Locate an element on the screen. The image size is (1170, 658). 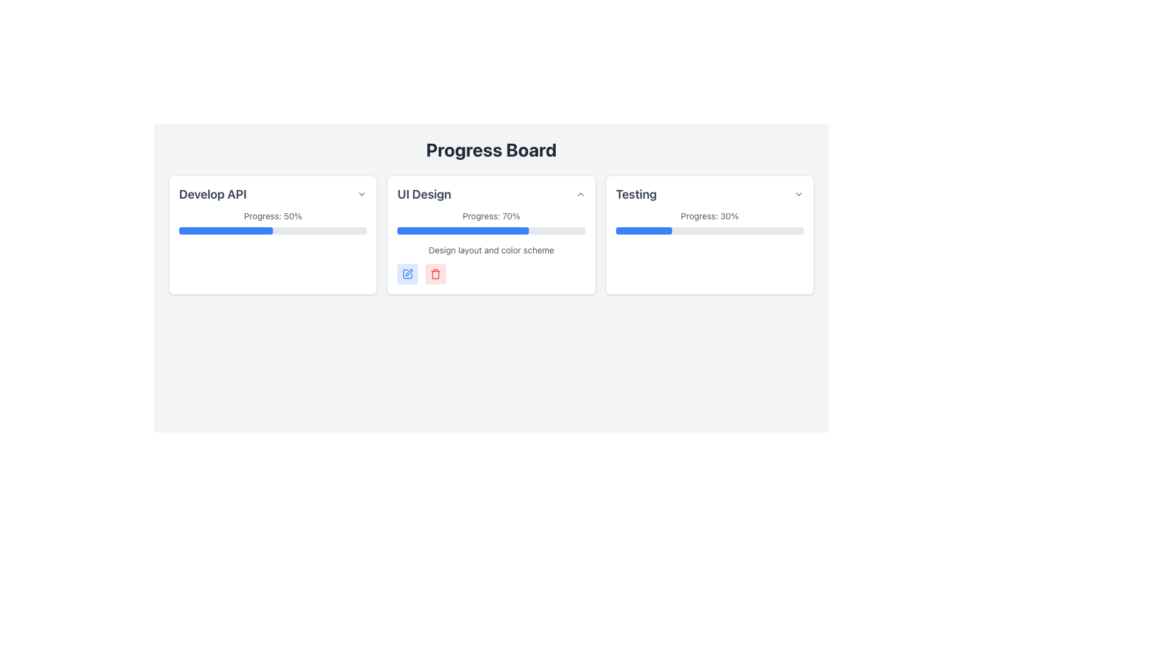
the small pen icon button located within the 'UI Design' card under the 'Progress Board', positioned to the left of the delete icon is located at coordinates (409, 272).